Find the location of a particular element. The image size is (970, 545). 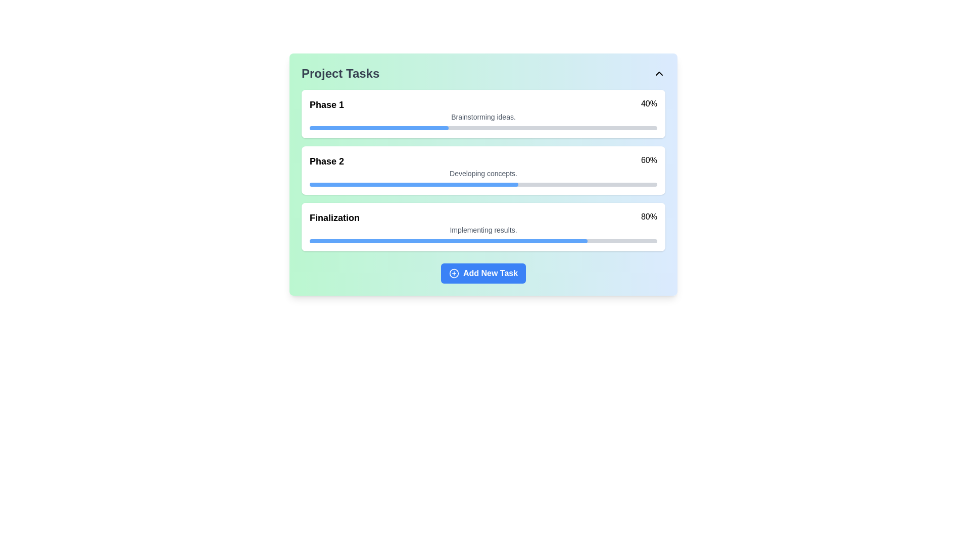

textual information from the description element located below the 'Phase 1' title and above the progress bar in the card for 'Phase 1' is located at coordinates (482, 116).